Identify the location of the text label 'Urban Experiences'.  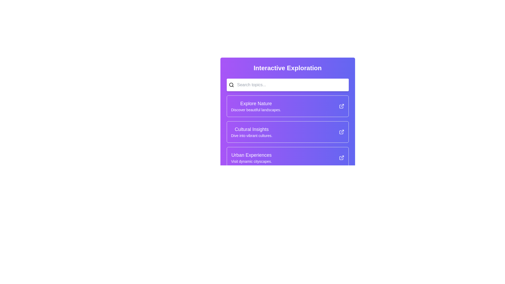
(251, 158).